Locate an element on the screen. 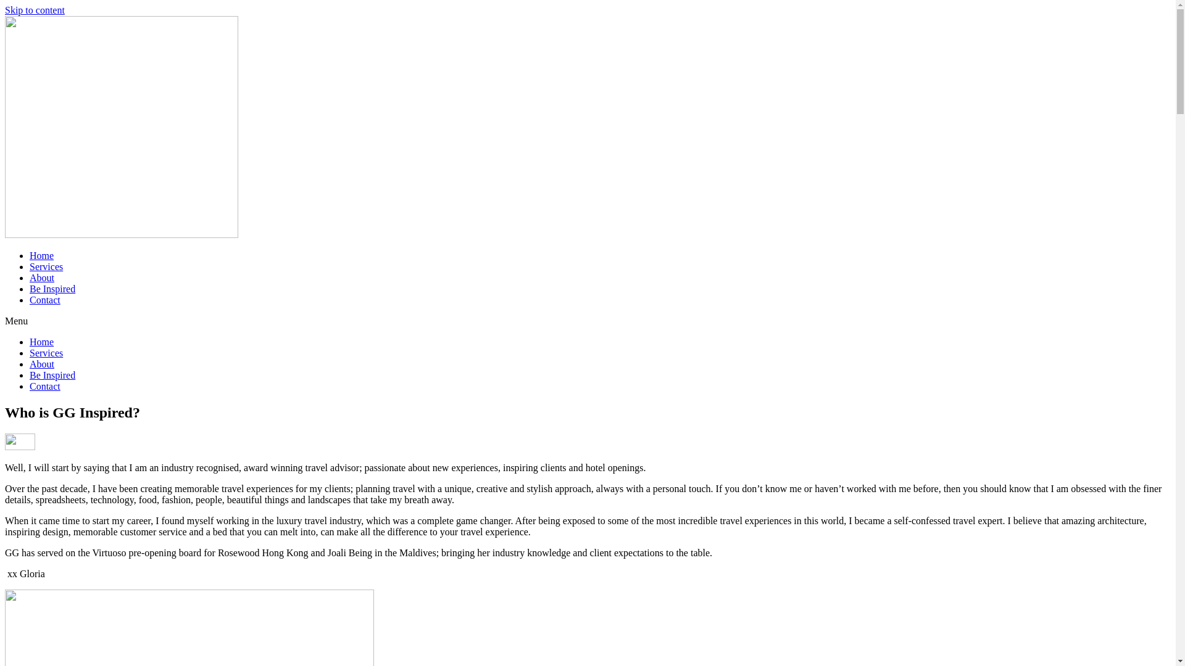  'About' is located at coordinates (41, 363).